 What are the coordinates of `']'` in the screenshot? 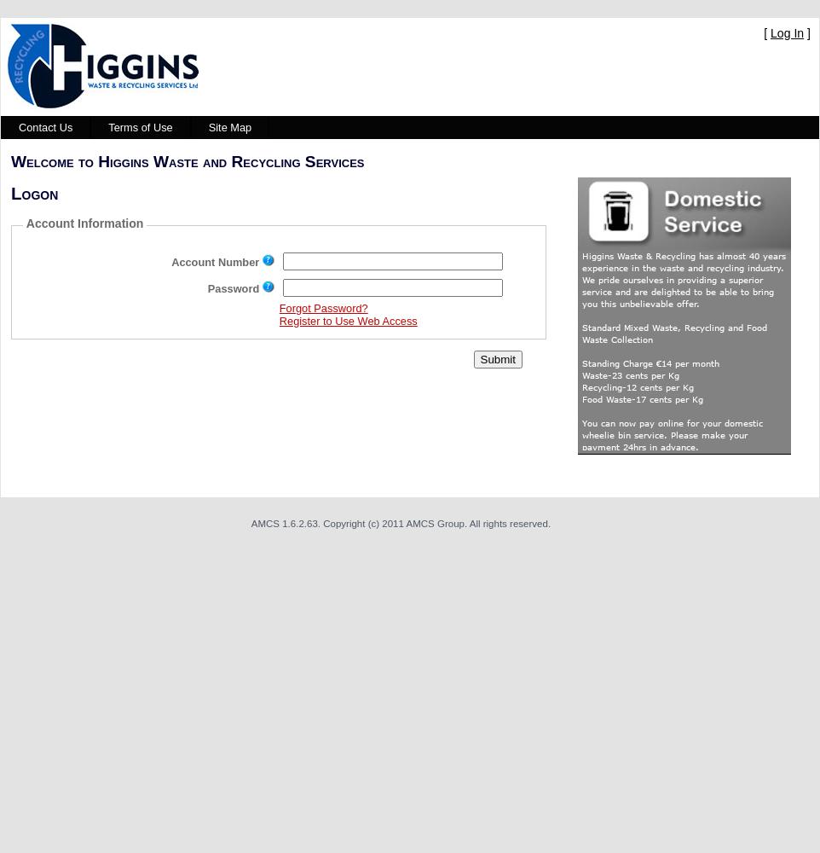 It's located at (803, 33).